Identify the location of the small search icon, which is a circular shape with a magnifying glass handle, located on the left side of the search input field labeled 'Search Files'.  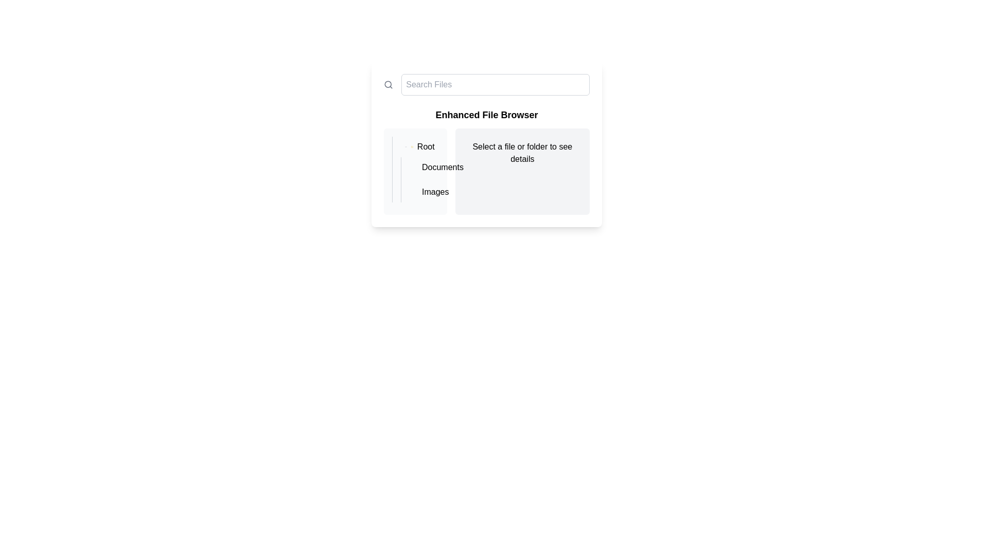
(388, 84).